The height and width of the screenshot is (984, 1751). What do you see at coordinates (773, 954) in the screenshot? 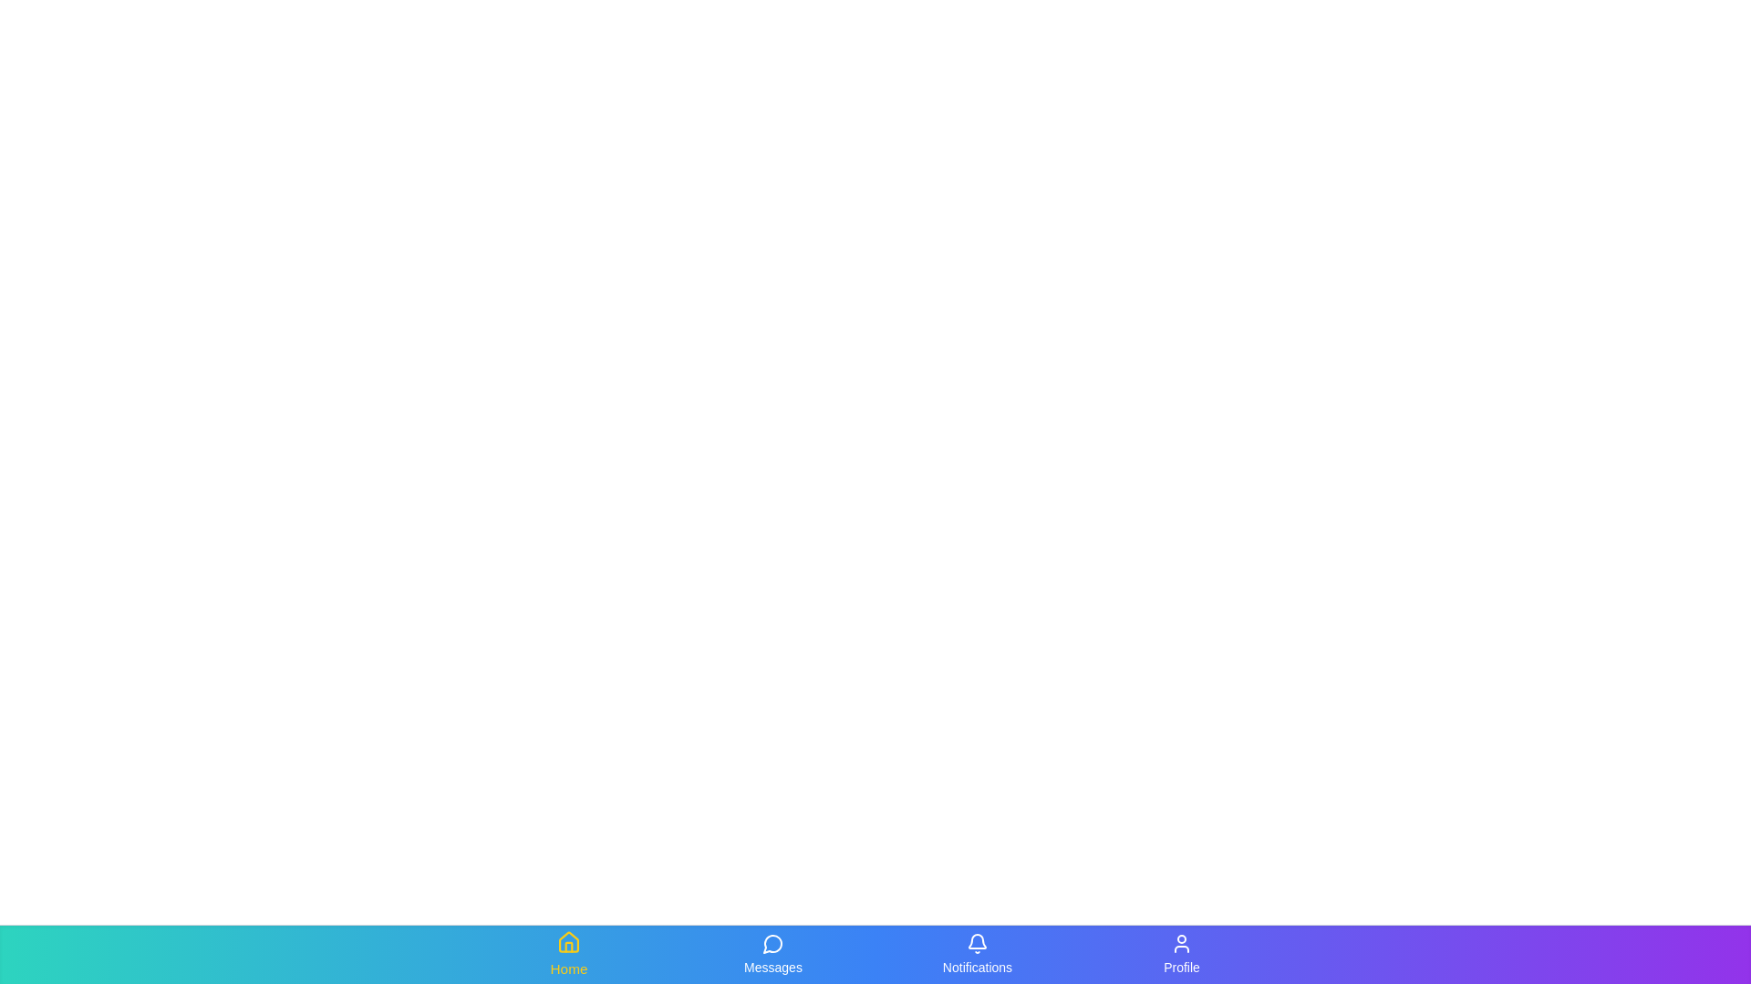
I see `the Messages tab from the navigation bar` at bounding box center [773, 954].